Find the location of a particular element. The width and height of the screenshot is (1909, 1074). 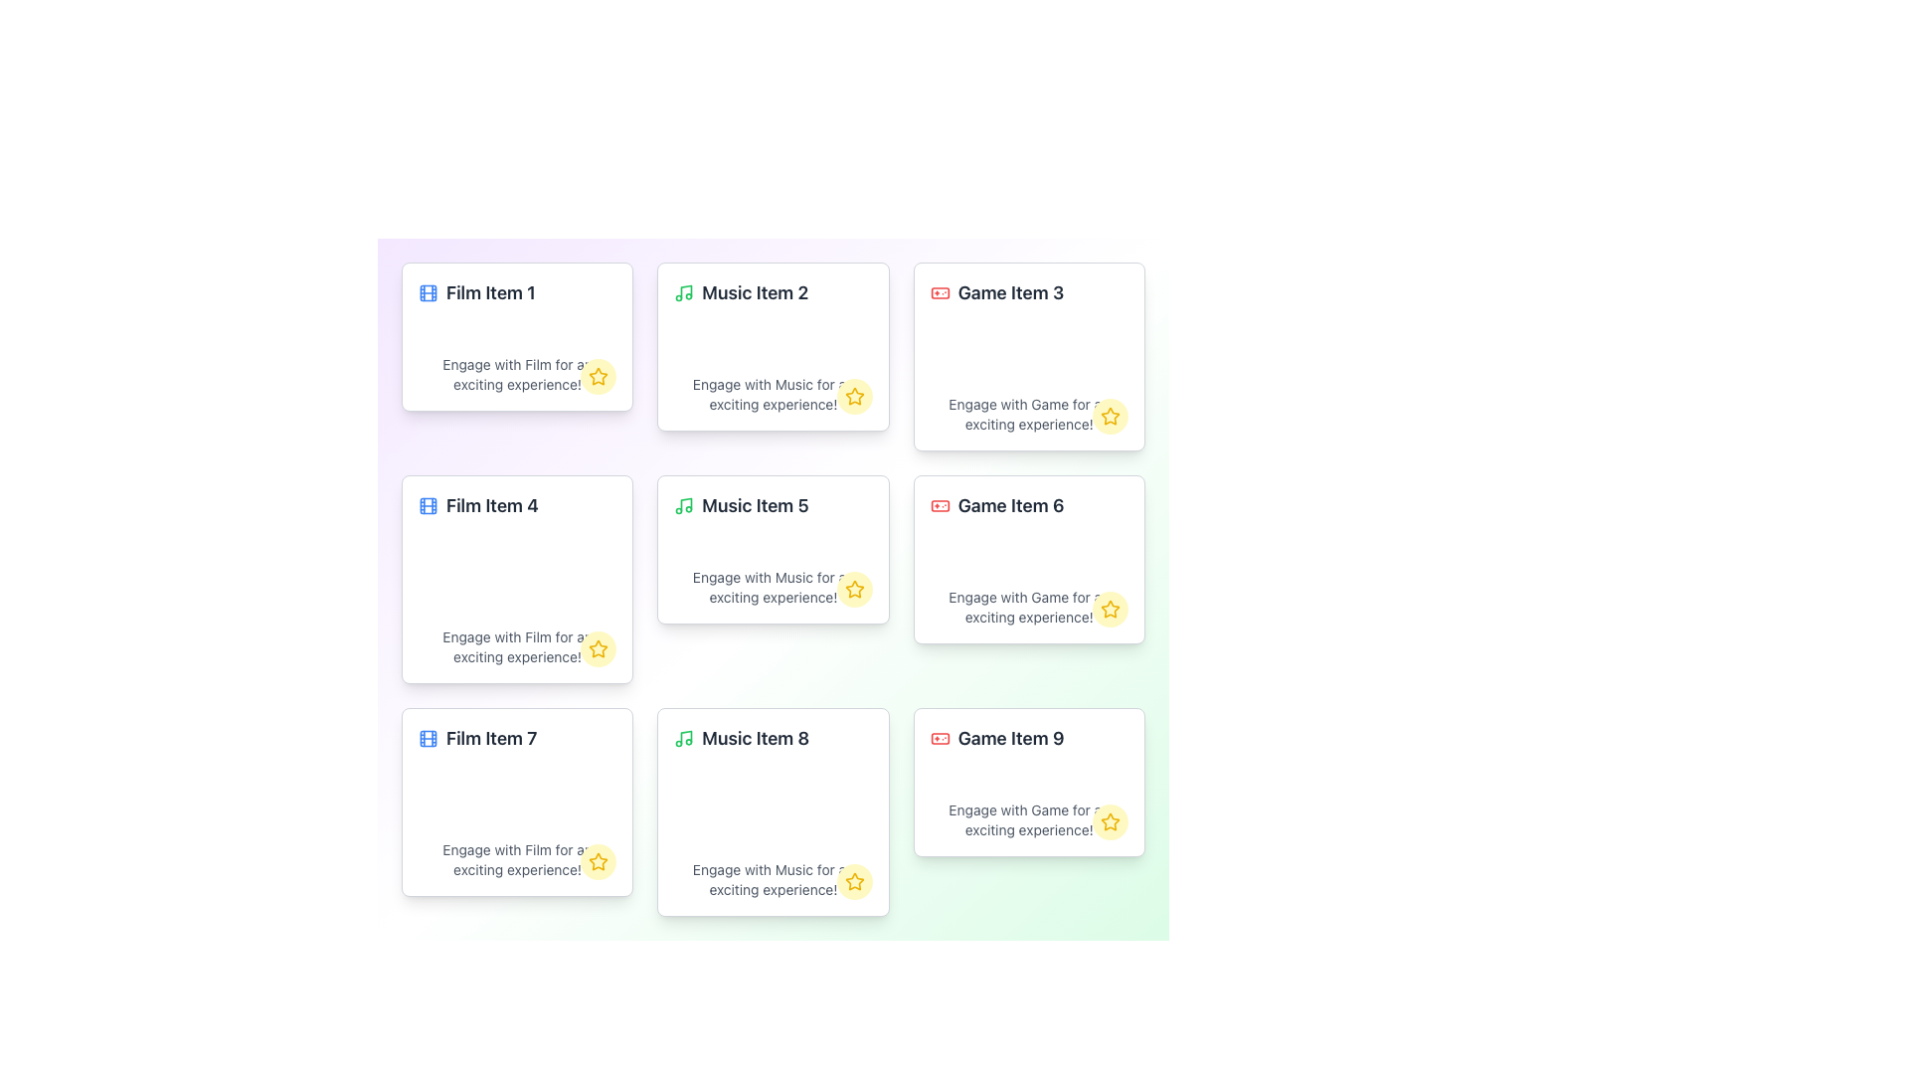

the star-shaped icon in the bottom-right corner of the card labeled 'Game Item 9' is located at coordinates (1109, 820).